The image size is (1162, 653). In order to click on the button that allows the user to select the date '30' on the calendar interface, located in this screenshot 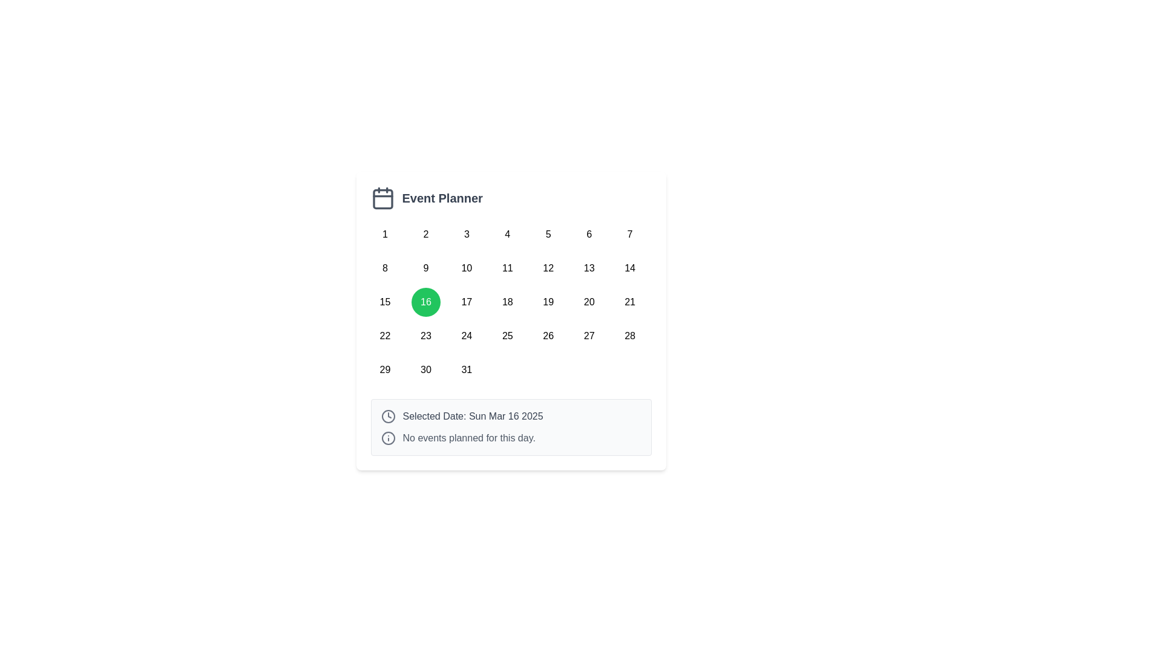, I will do `click(425, 369)`.